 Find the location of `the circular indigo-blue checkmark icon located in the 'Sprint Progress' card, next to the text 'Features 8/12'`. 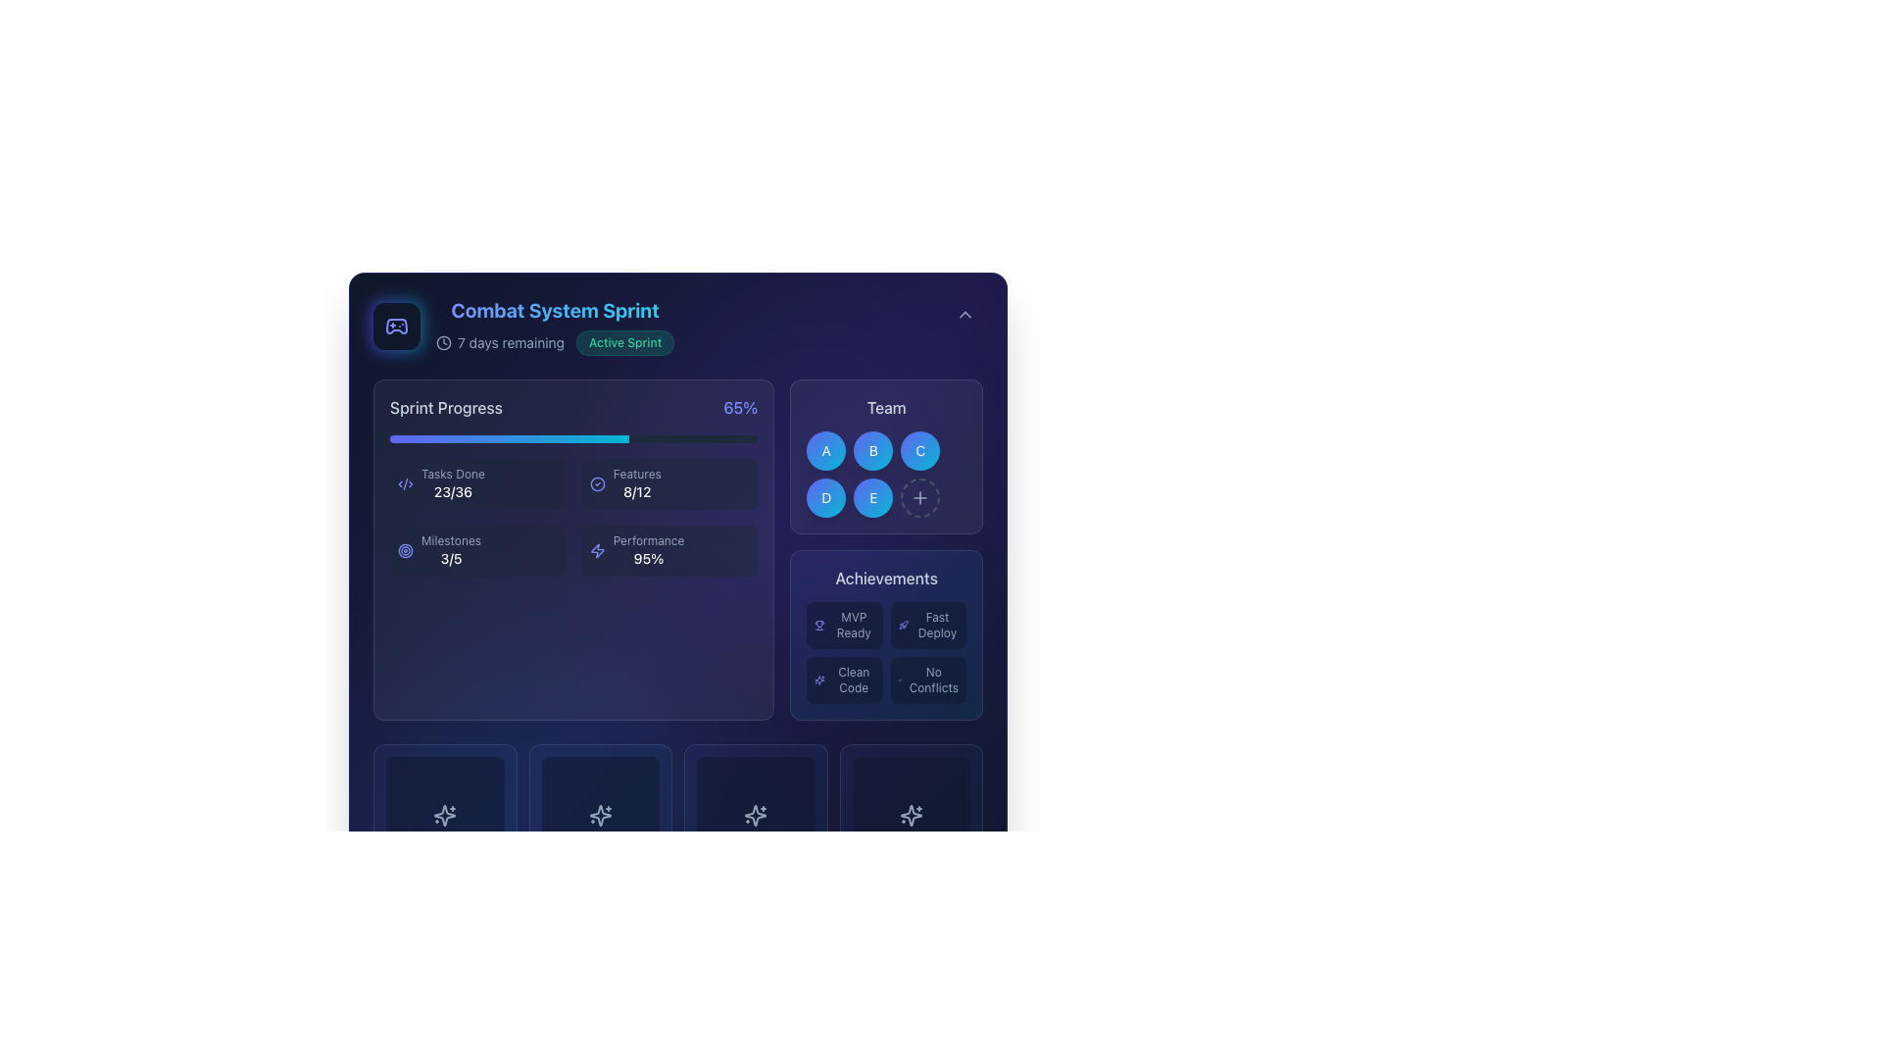

the circular indigo-blue checkmark icon located in the 'Sprint Progress' card, next to the text 'Features 8/12' is located at coordinates (596, 483).